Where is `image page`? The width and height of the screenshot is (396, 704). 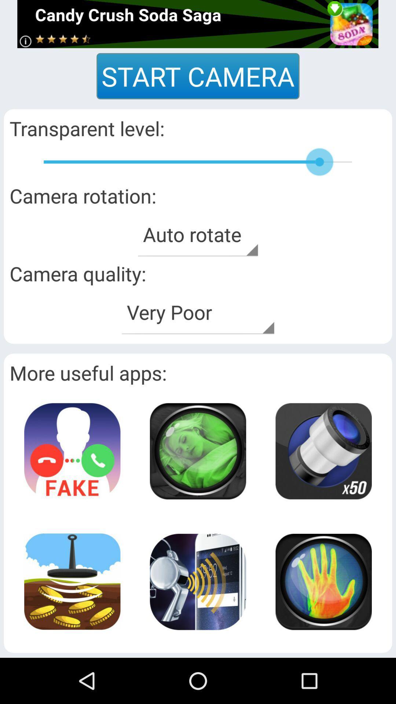
image page is located at coordinates (197, 451).